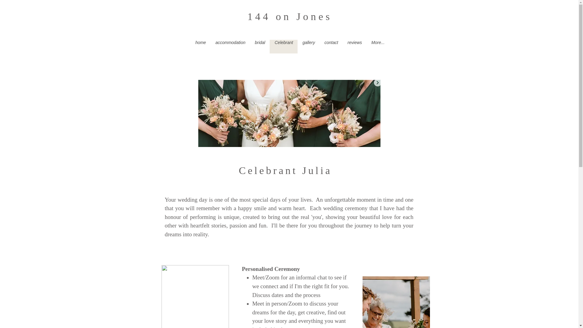 The image size is (583, 328). Describe the element at coordinates (297, 46) in the screenshot. I see `'gallery'` at that location.